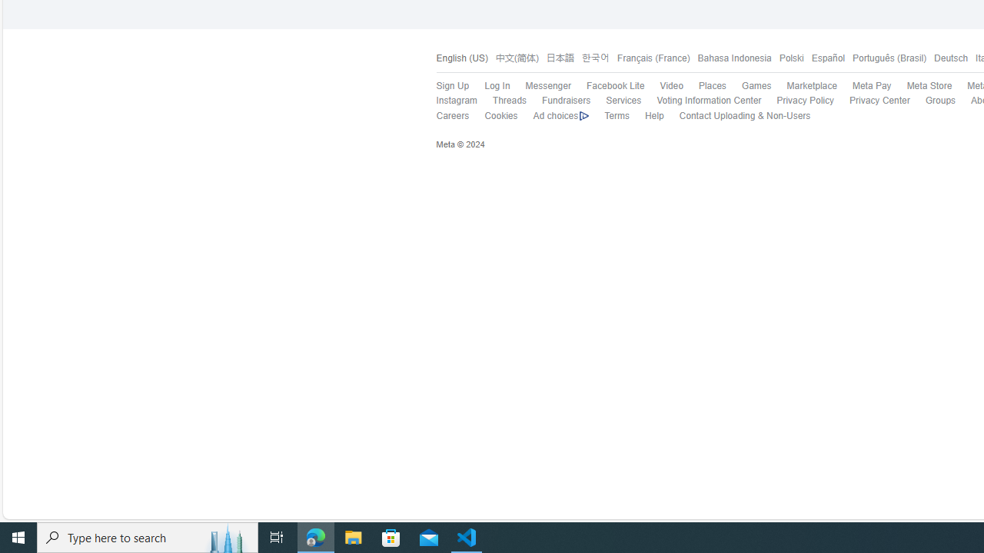 This screenshot has height=553, width=984. I want to click on 'Places', so click(711, 86).